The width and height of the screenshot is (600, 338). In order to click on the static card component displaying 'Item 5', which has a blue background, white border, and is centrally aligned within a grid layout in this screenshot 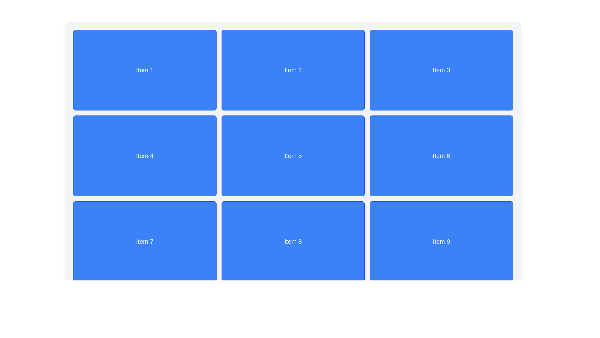, I will do `click(292, 155)`.